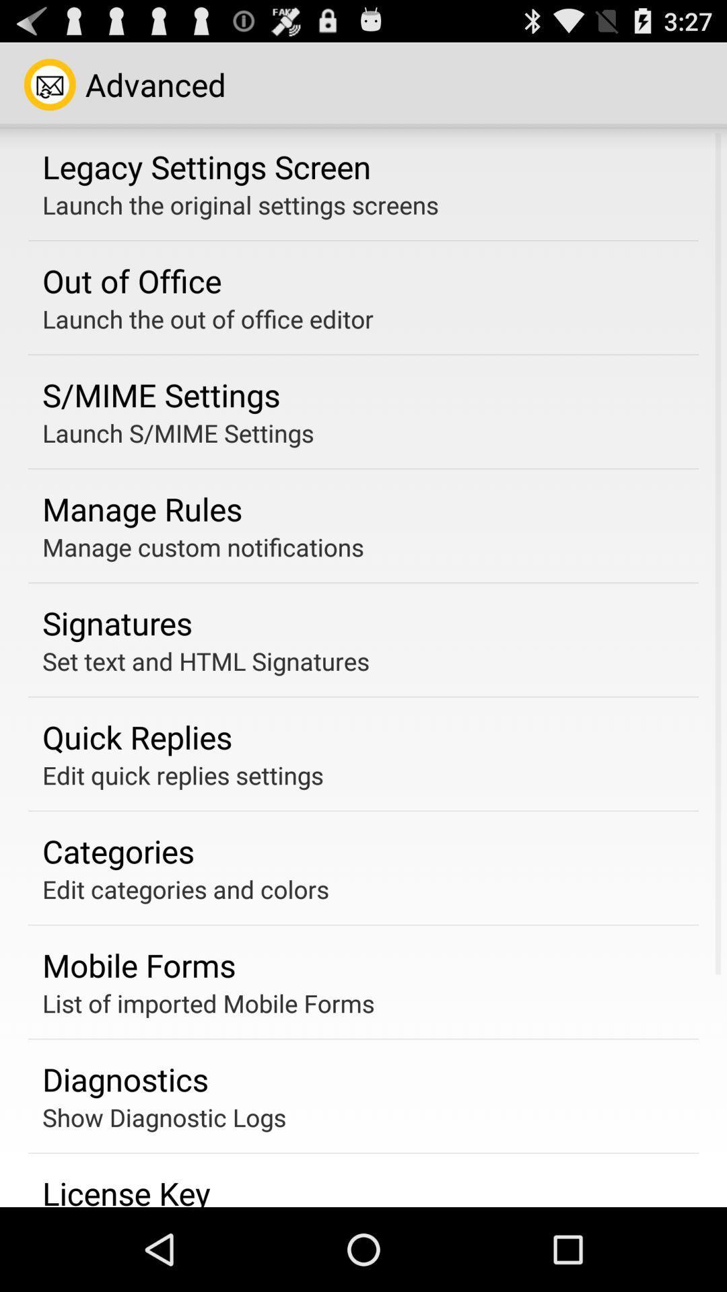 This screenshot has height=1292, width=727. Describe the element at coordinates (207, 166) in the screenshot. I see `icon above the launch the original` at that location.